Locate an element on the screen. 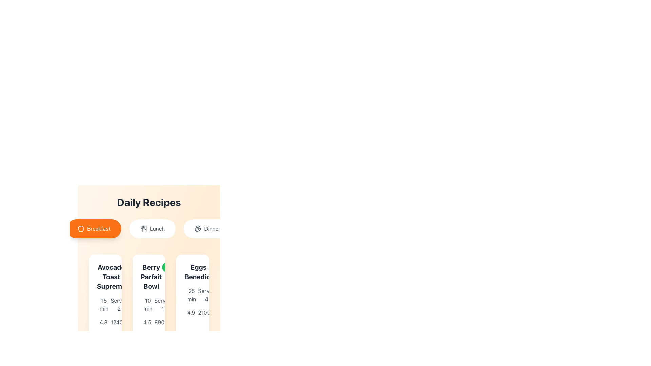 The image size is (651, 366). recipe details displayed in the 'Daily Recipes' section, which includes meal cards for 'Avocado Toast Supreme', 'Berry Parfait Bowl', and 'Eggs Benedict' is located at coordinates (149, 269).